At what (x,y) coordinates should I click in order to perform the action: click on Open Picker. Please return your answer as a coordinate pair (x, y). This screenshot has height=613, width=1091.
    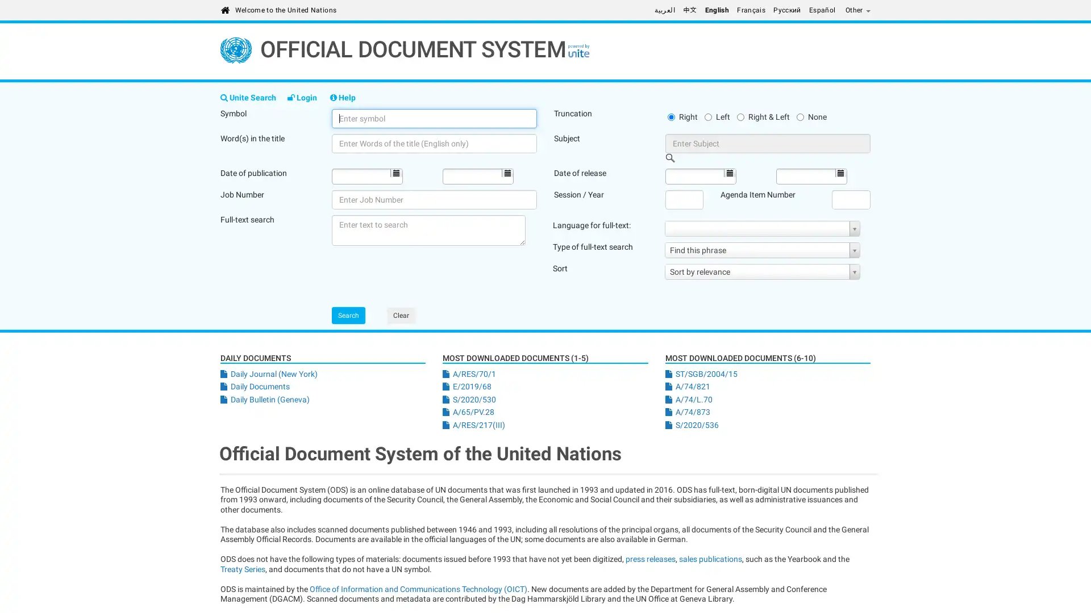
    Looking at the image, I should click on (669, 157).